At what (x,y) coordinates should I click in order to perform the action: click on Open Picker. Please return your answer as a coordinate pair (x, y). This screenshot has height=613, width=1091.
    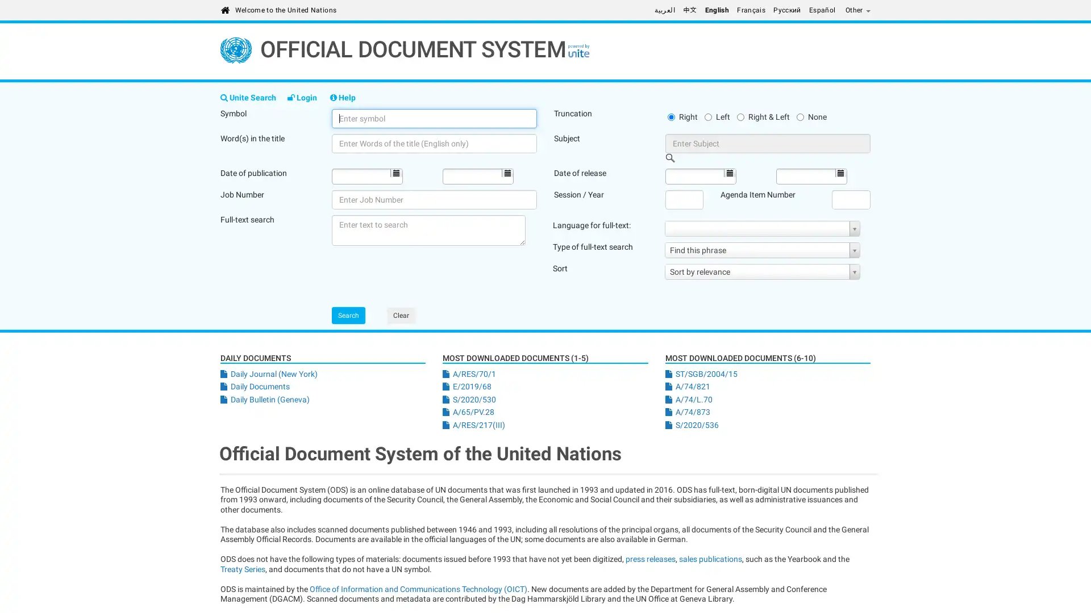
    Looking at the image, I should click on (669, 157).